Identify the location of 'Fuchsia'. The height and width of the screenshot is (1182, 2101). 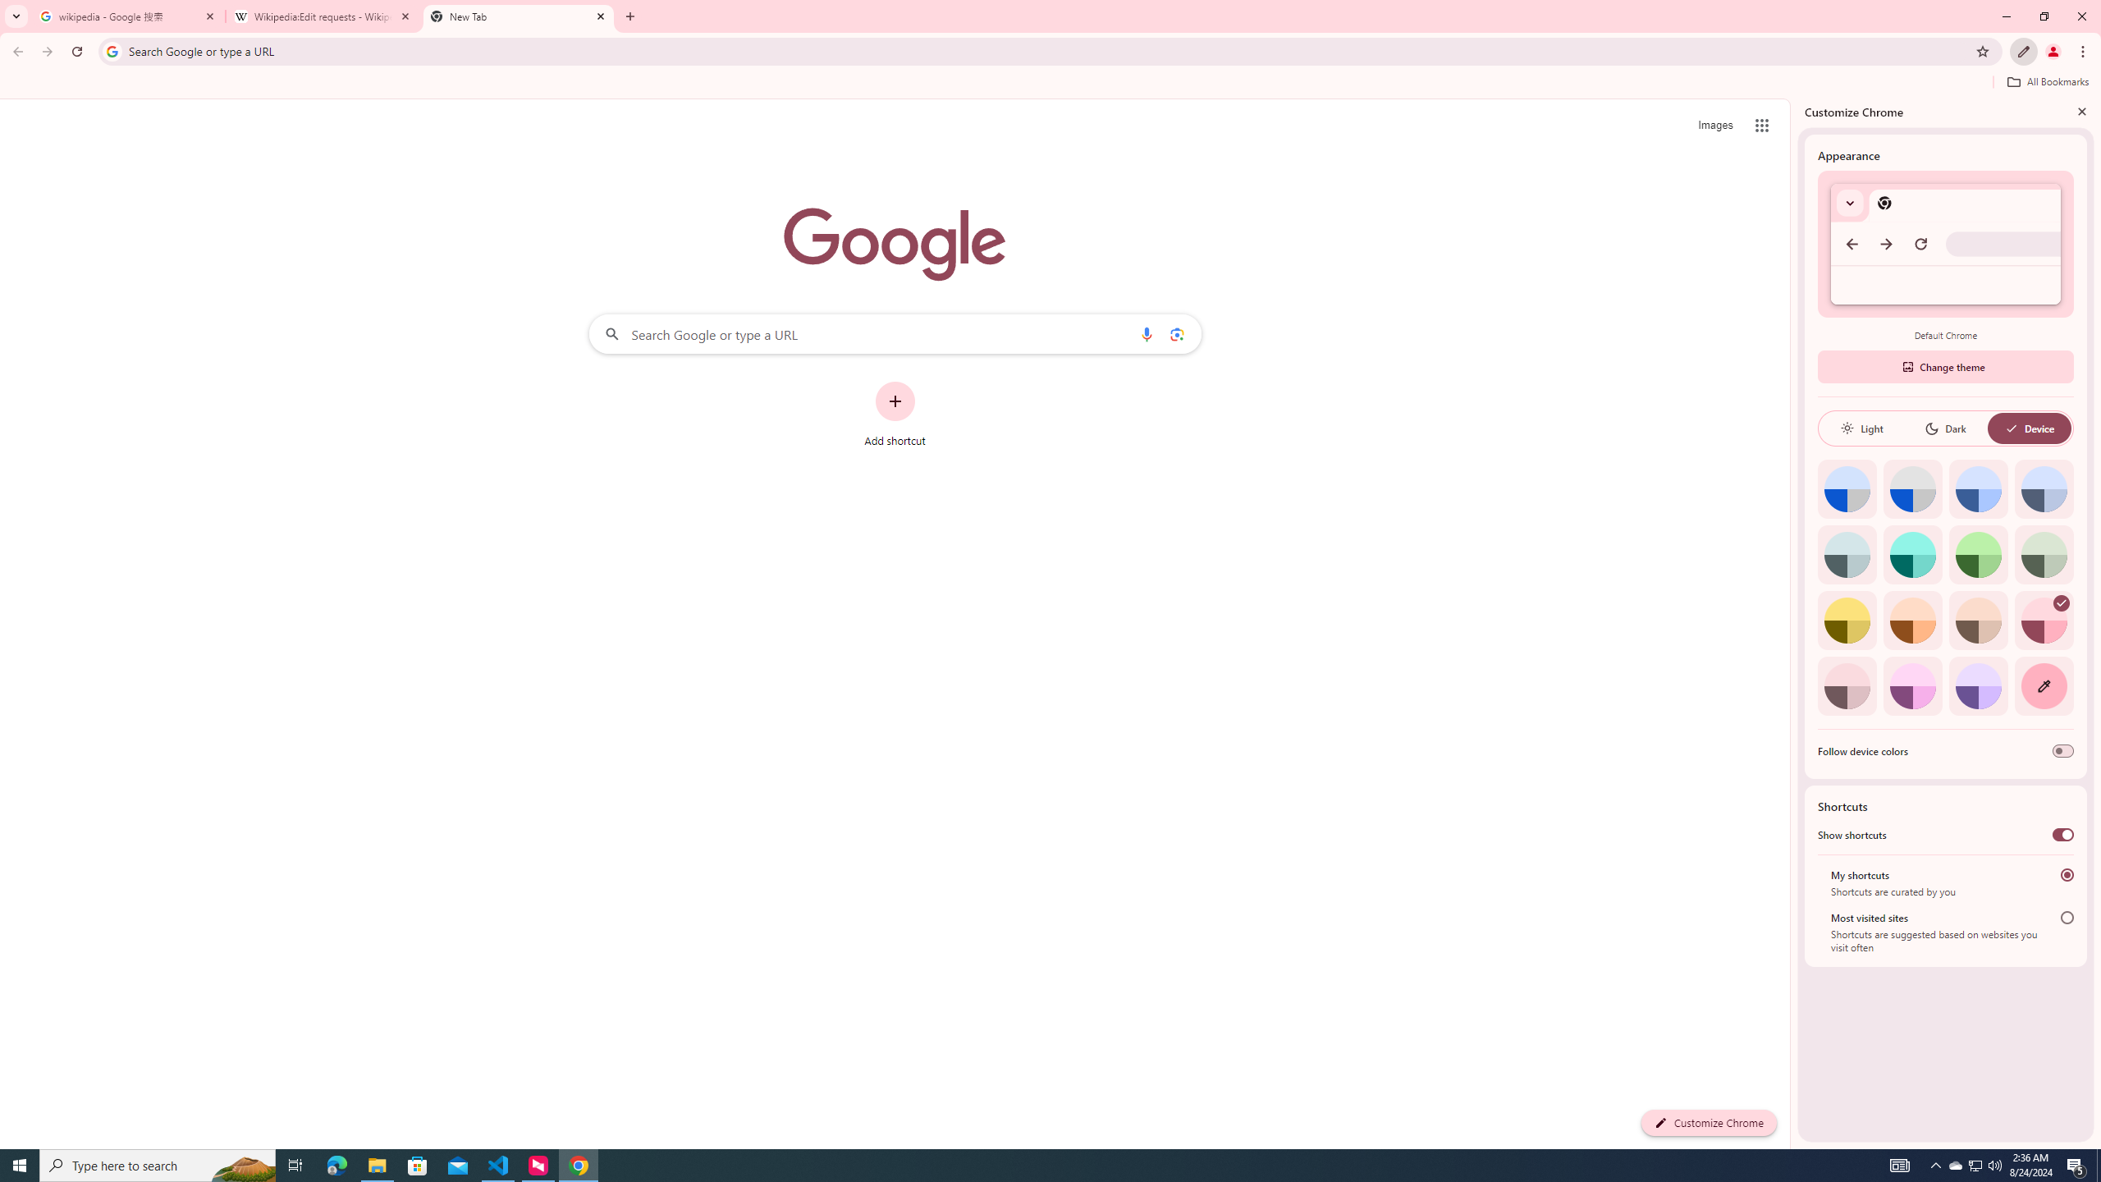
(1911, 685).